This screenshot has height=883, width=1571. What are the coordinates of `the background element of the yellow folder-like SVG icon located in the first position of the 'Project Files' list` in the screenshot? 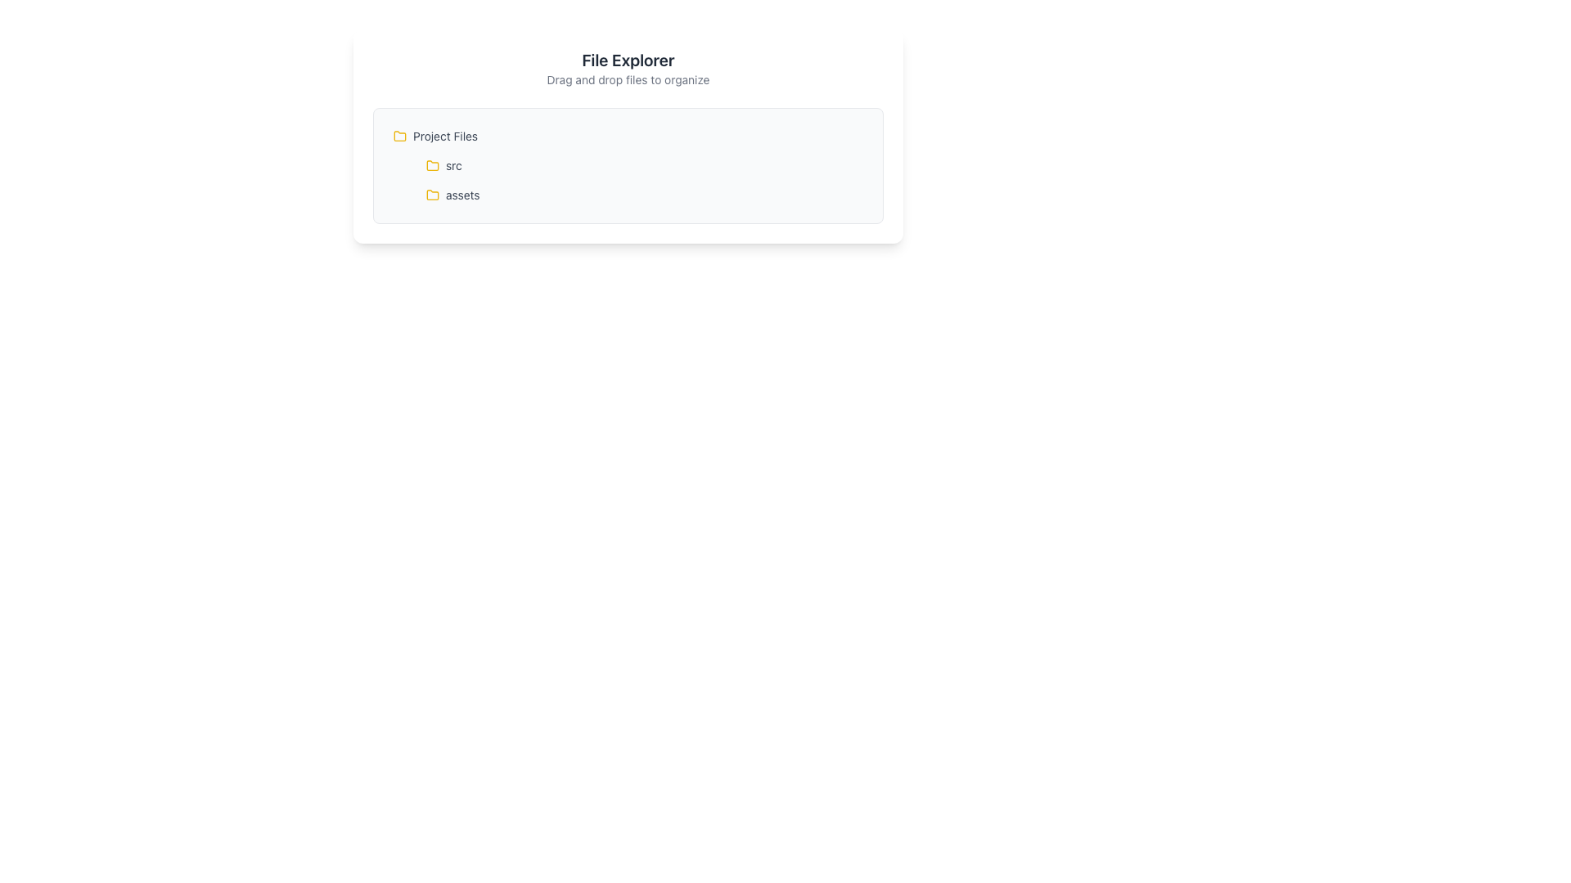 It's located at (400, 134).